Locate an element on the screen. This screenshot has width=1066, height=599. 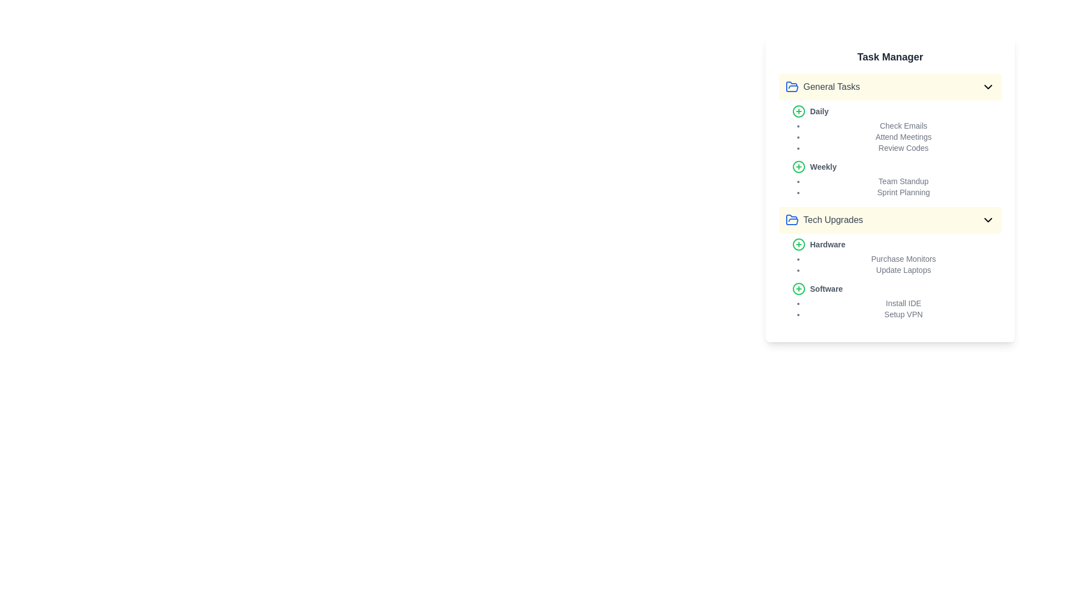
the static text label displaying 'Team Standup' in gray color, which is the first item in the 'Weekly' subcategory of the 'Task Manager' interface is located at coordinates (903, 181).